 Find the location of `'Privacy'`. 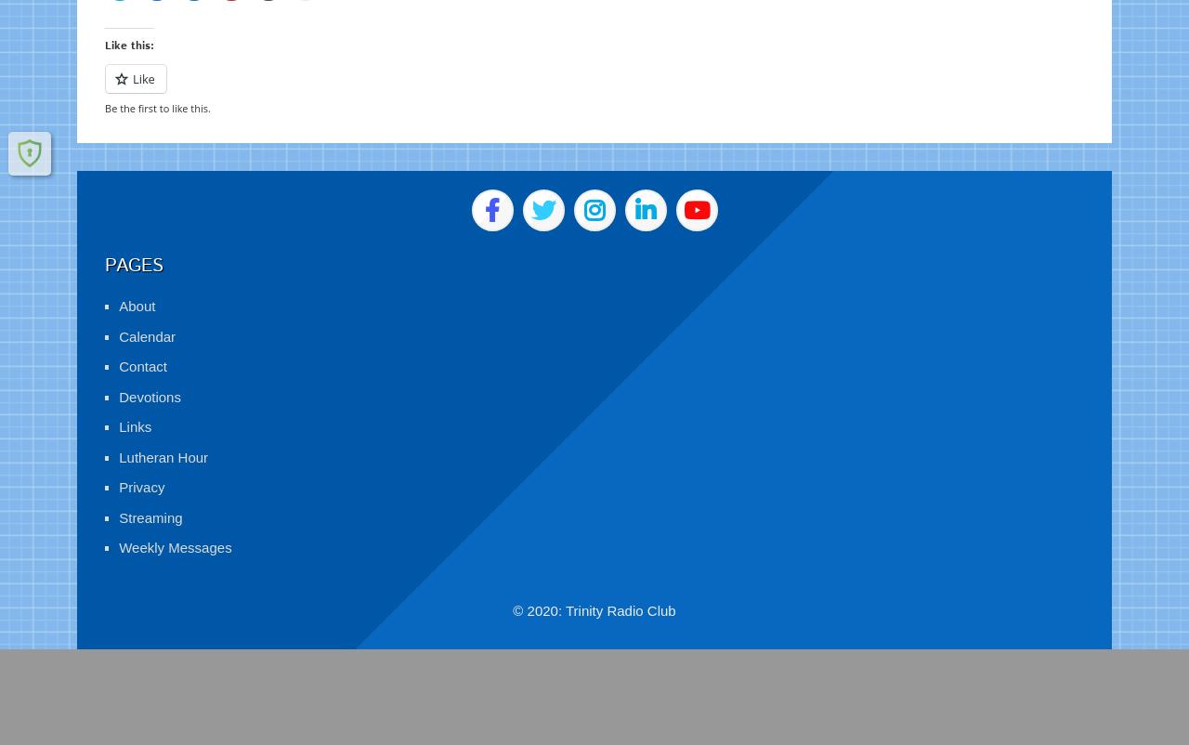

'Privacy' is located at coordinates (118, 465).